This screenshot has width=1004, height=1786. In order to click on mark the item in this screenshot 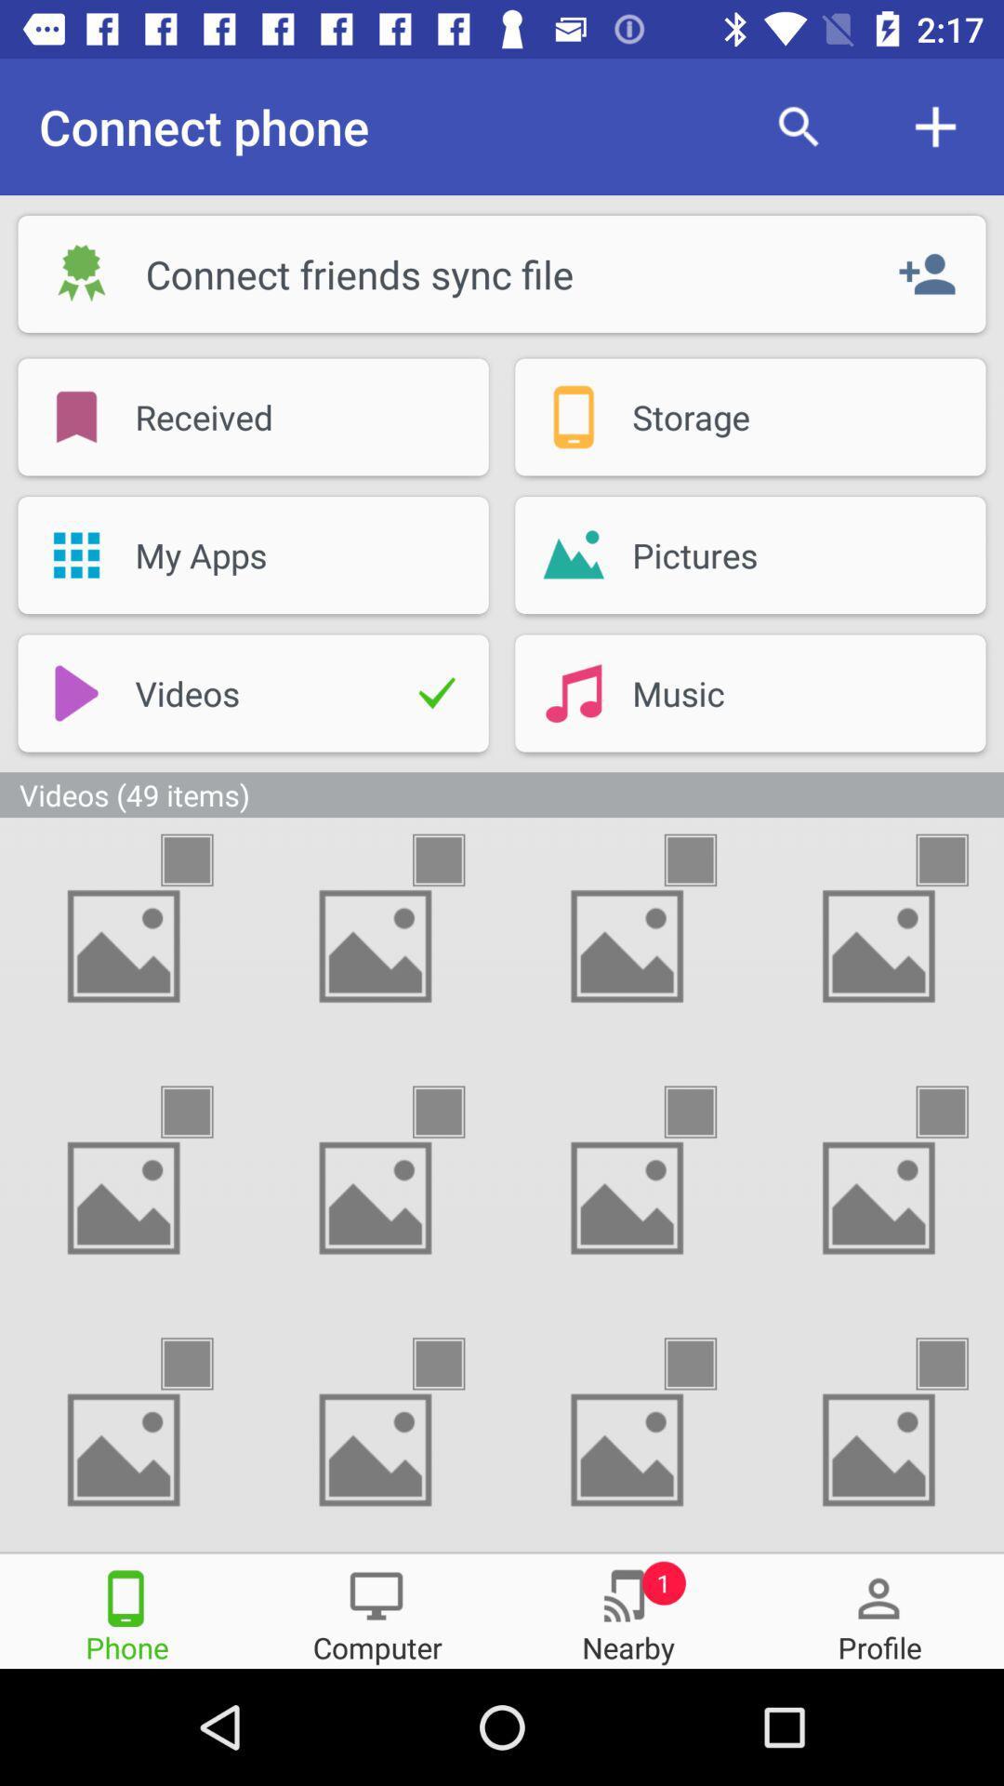, I will do `click(204, 859)`.